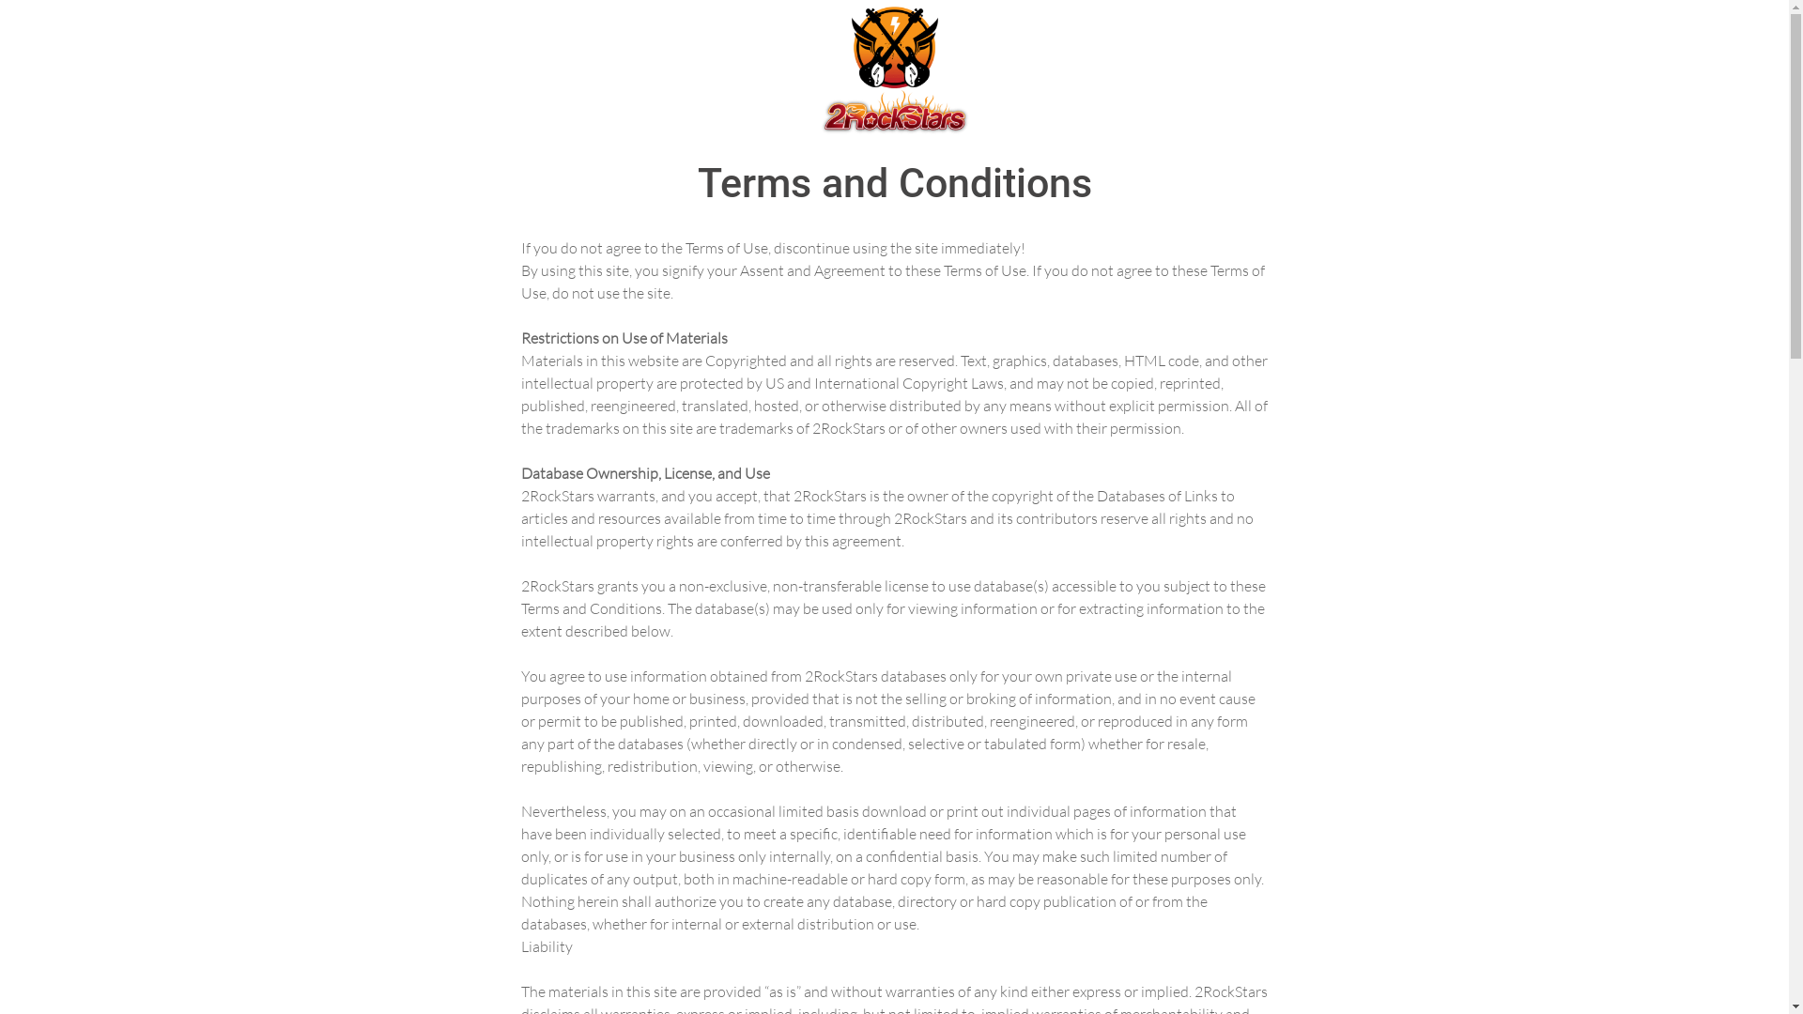  Describe the element at coordinates (892, 68) in the screenshot. I see `'23780_02'` at that location.